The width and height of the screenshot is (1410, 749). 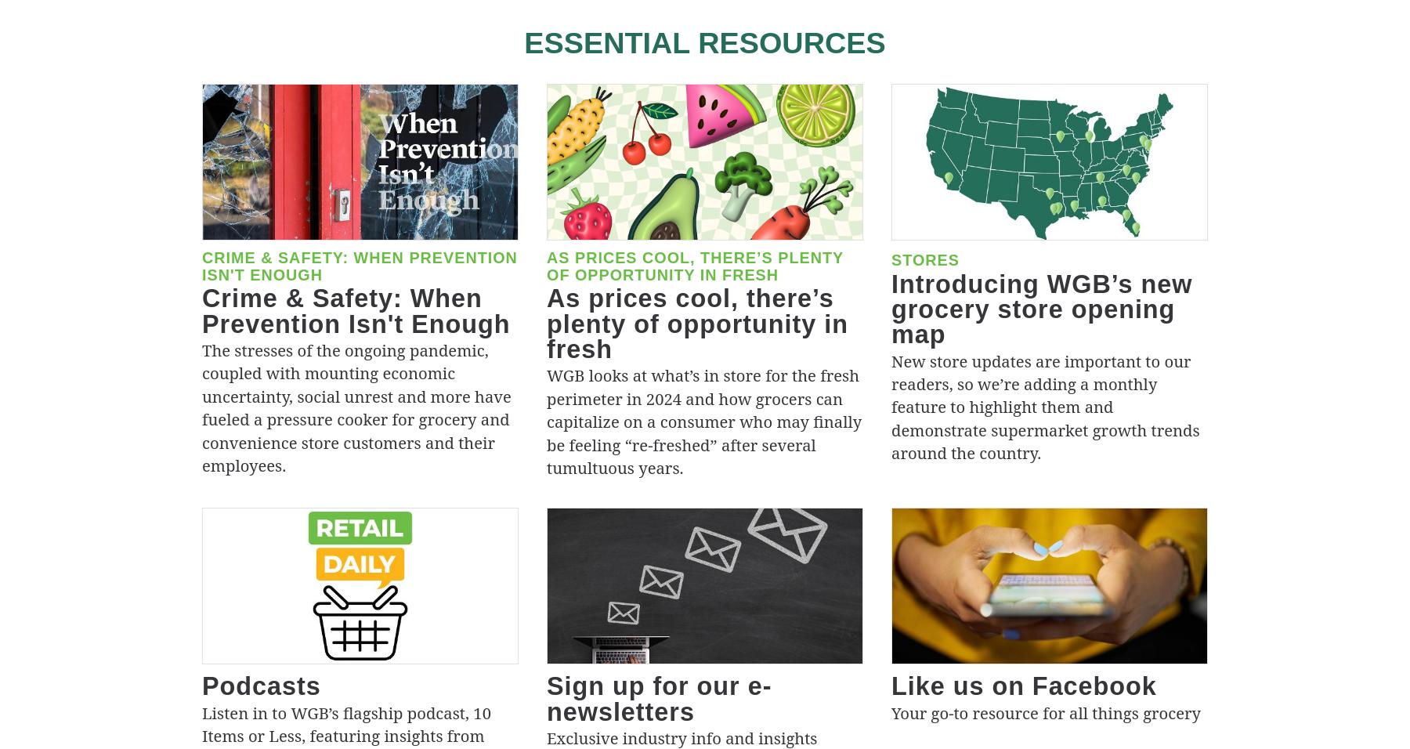 What do you see at coordinates (1046, 711) in the screenshot?
I see `'Your go-to resource for all things grocery'` at bounding box center [1046, 711].